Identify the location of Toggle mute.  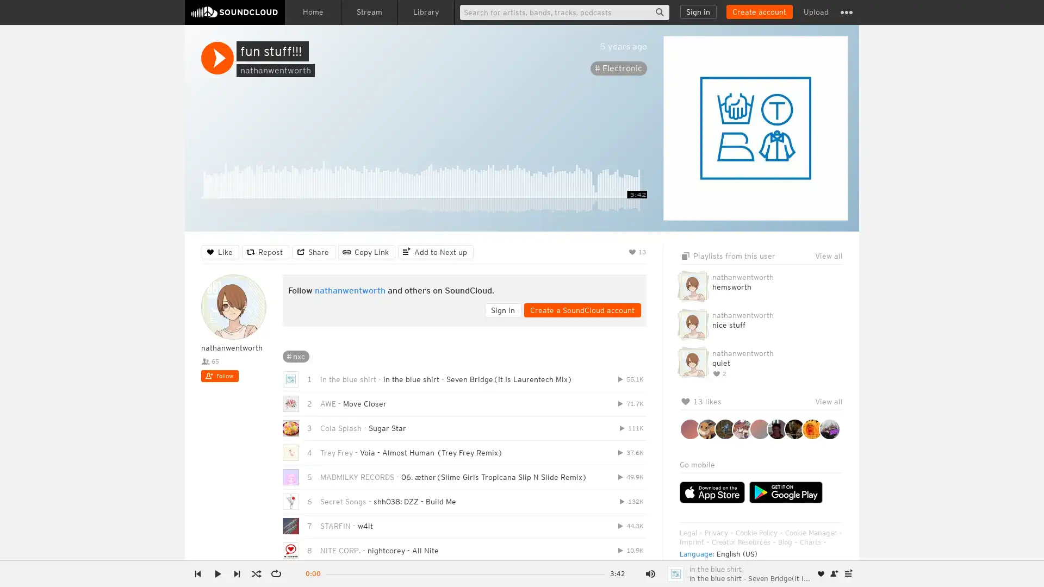
(650, 573).